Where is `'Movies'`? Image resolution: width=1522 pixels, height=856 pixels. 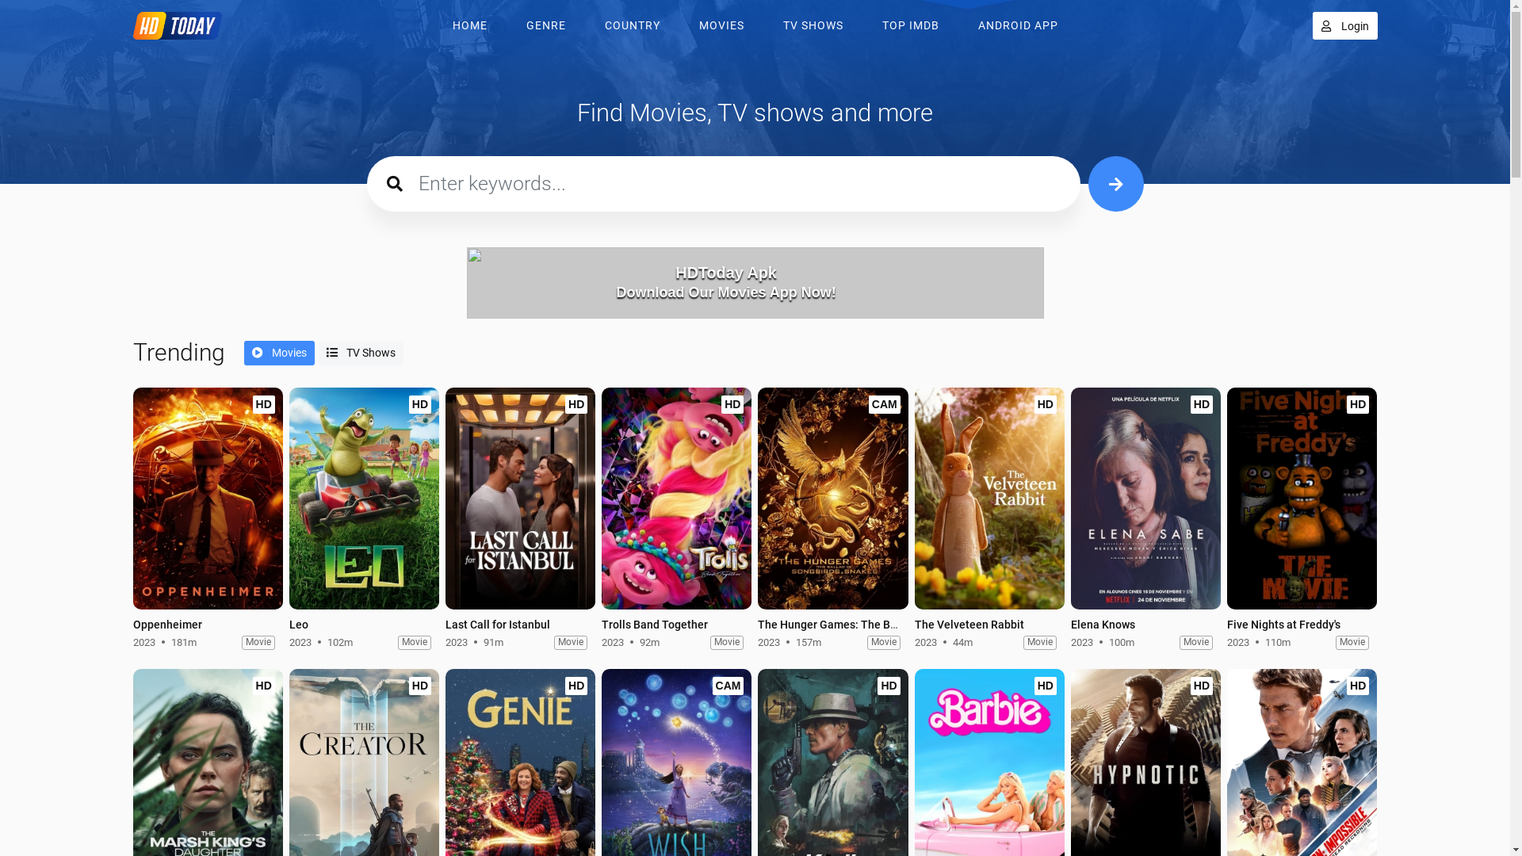
'Movies' is located at coordinates (279, 352).